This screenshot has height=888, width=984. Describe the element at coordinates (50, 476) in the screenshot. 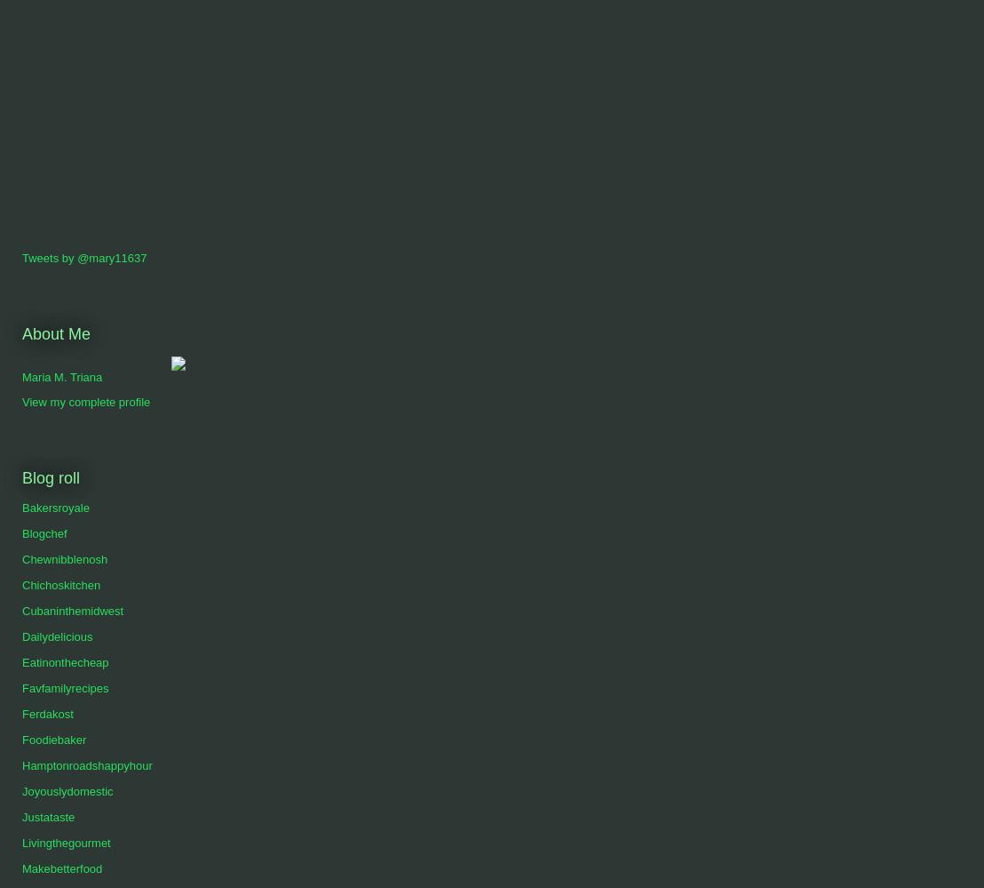

I see `'Blog roll'` at that location.